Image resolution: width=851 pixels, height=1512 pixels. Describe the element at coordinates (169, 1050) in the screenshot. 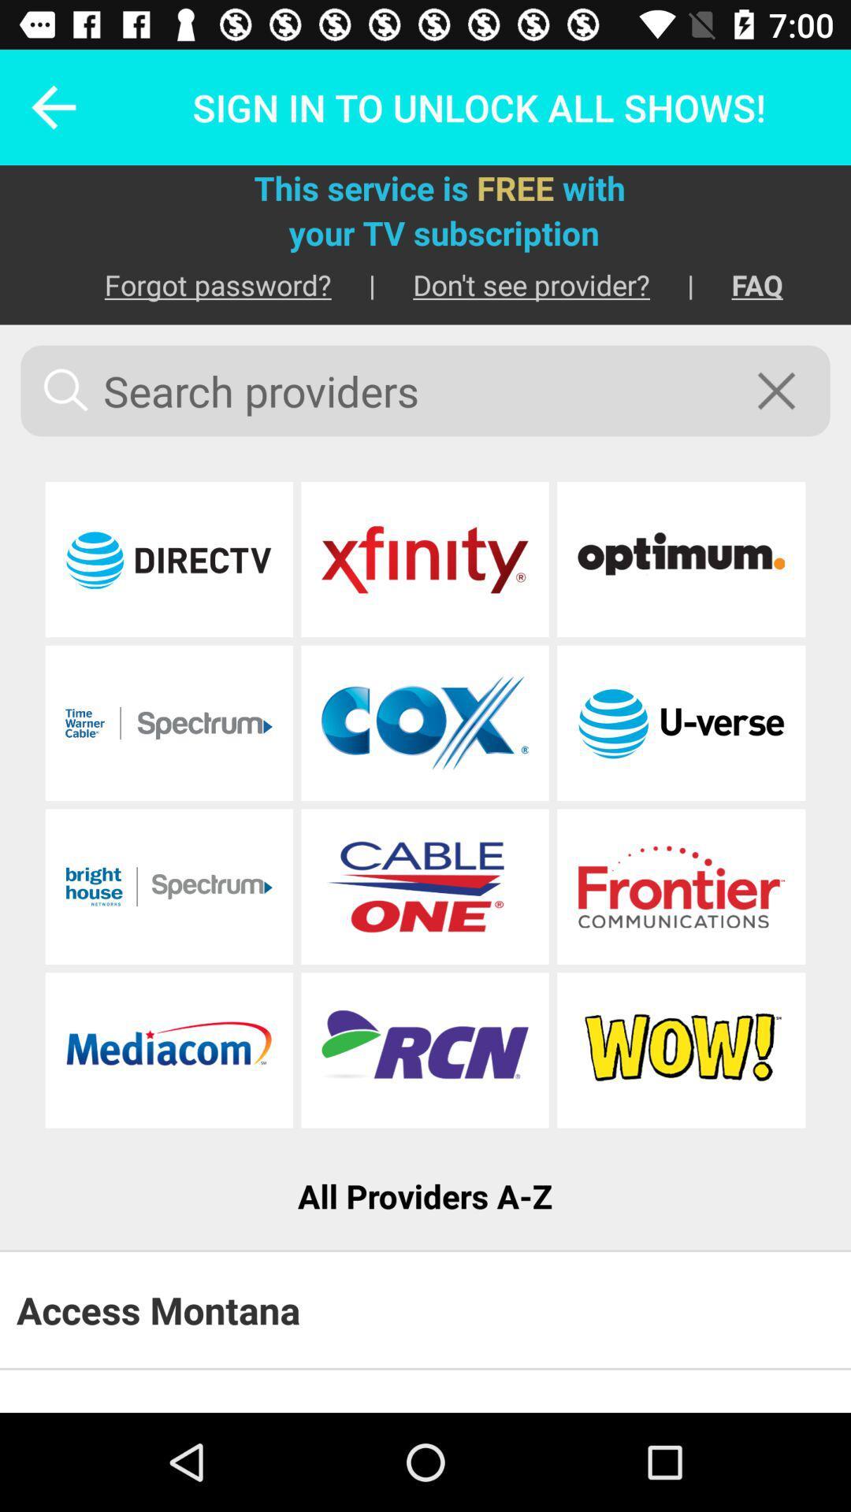

I see `website` at that location.